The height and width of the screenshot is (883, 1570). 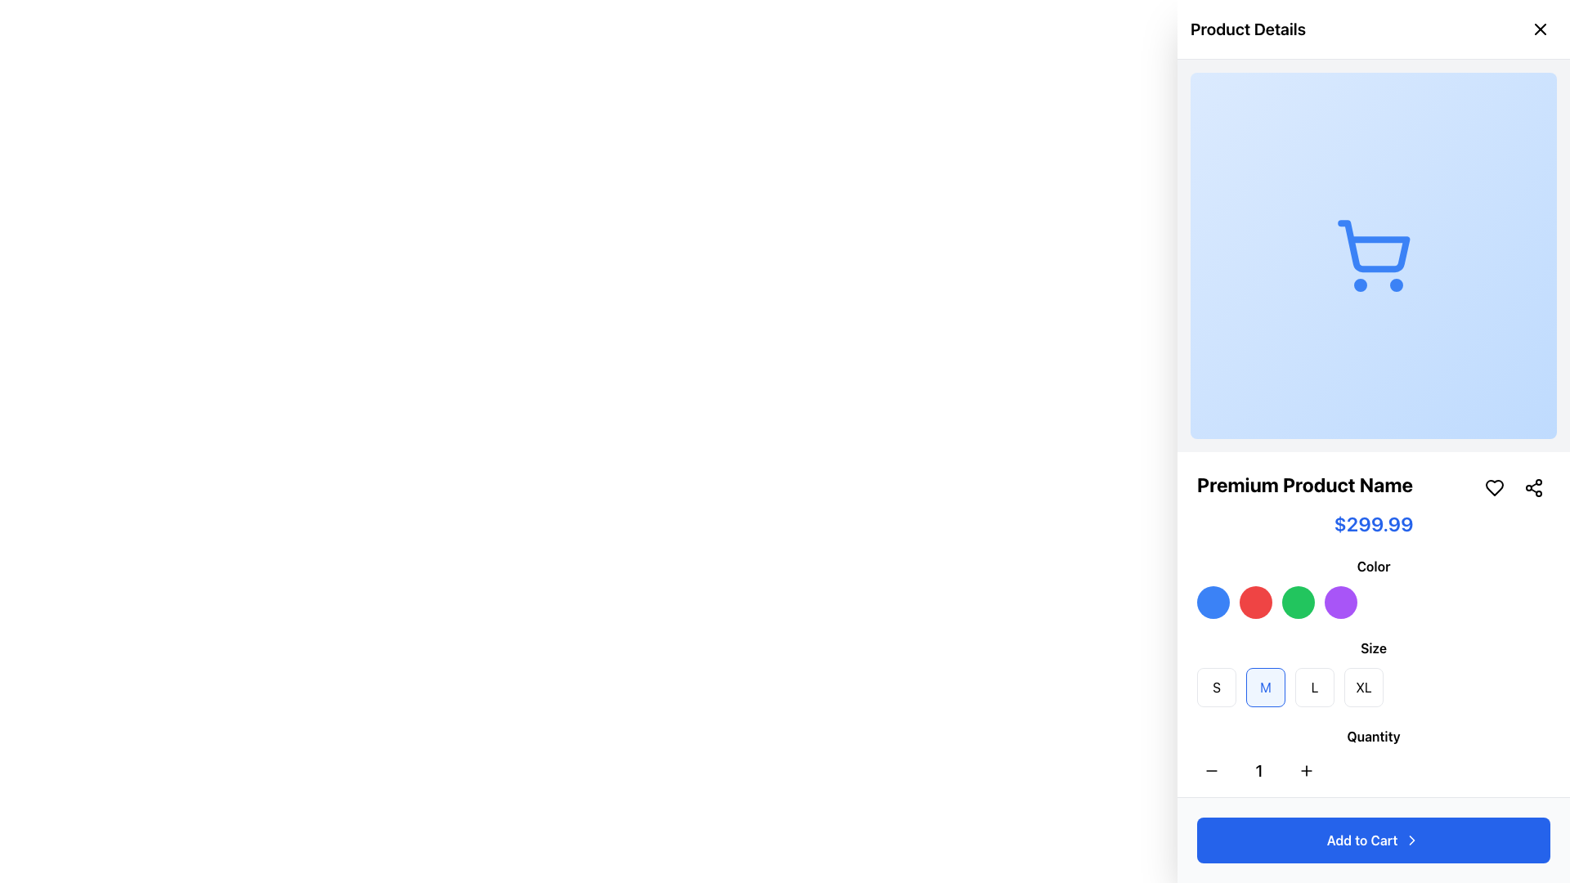 I want to click on the 'Size' text label which is styled with bold font weight and centrally positioned above the size selection buttons, so click(x=1374, y=648).